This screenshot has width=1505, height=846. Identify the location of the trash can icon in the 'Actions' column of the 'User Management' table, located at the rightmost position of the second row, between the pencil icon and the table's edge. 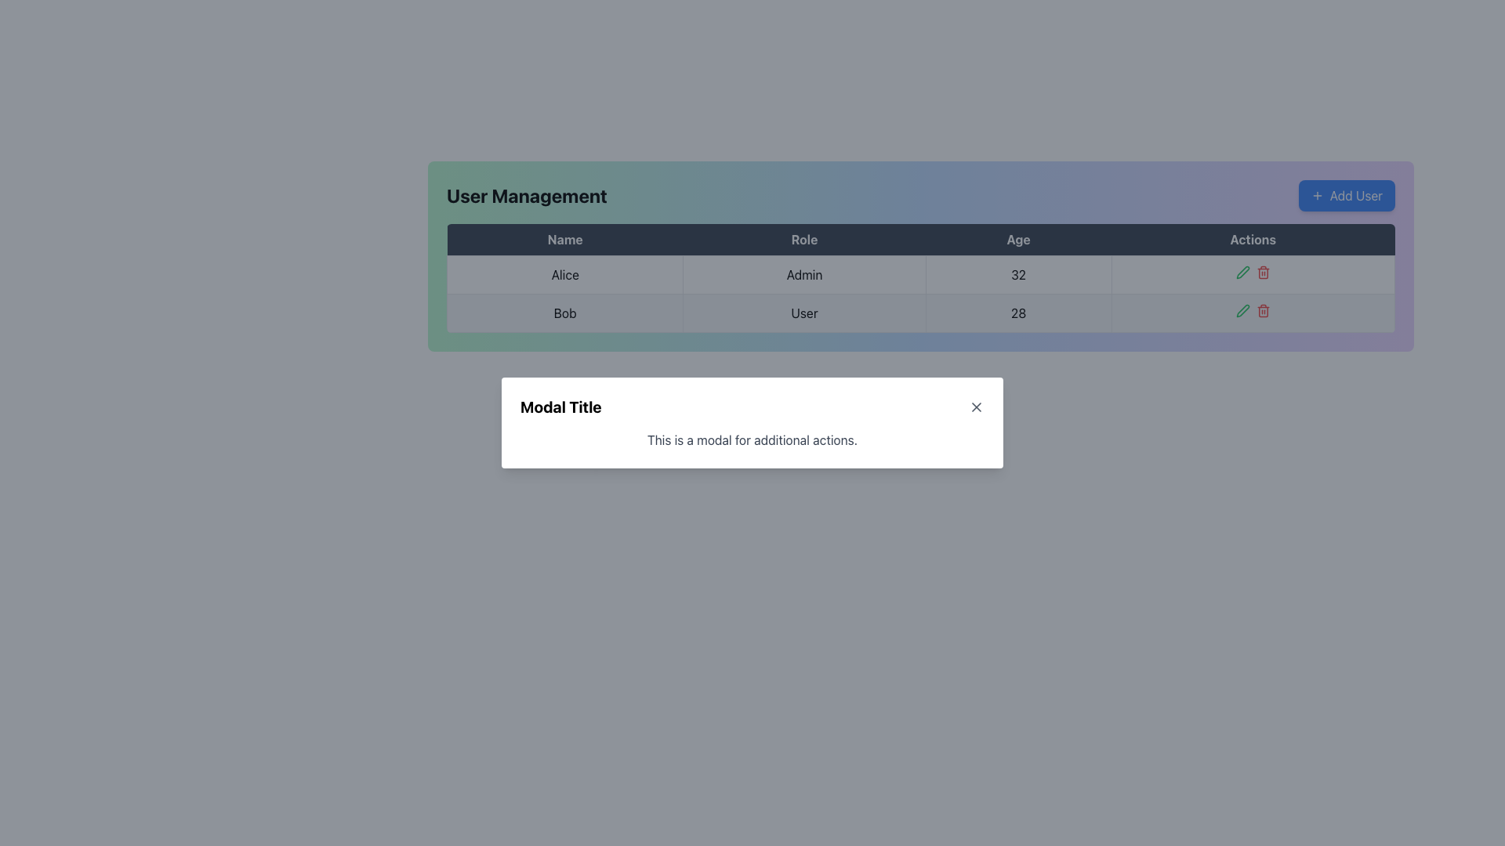
(1263, 273).